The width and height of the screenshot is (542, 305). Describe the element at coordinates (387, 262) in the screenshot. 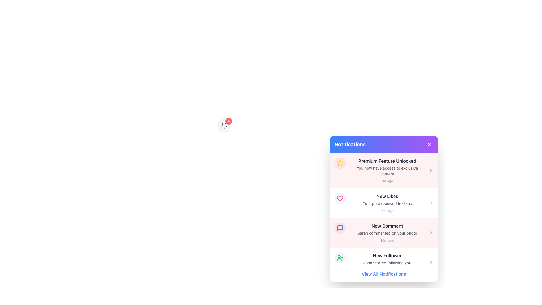

I see `the notification entry that informs the user that 'John' has started following them, which is the fourth item in the notification panel` at that location.